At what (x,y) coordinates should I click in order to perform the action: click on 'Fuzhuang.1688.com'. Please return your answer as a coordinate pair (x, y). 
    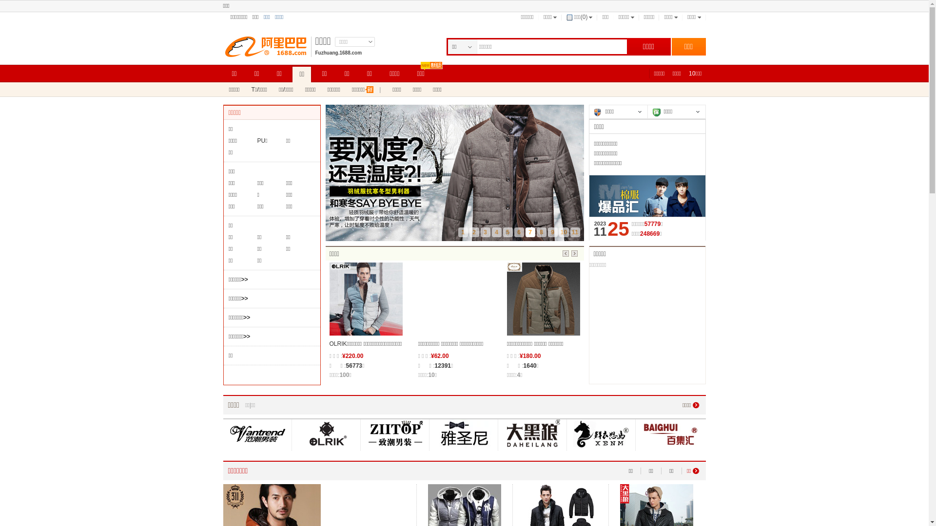
    Looking at the image, I should click on (338, 53).